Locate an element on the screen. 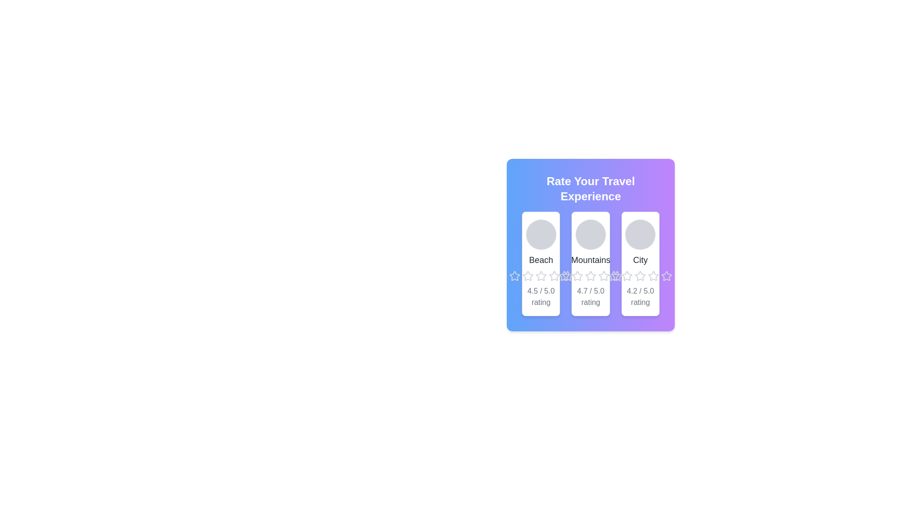 This screenshot has width=906, height=509. the last star-shaped icon in the rating interface under the 'Mountains' card is located at coordinates (567, 276).